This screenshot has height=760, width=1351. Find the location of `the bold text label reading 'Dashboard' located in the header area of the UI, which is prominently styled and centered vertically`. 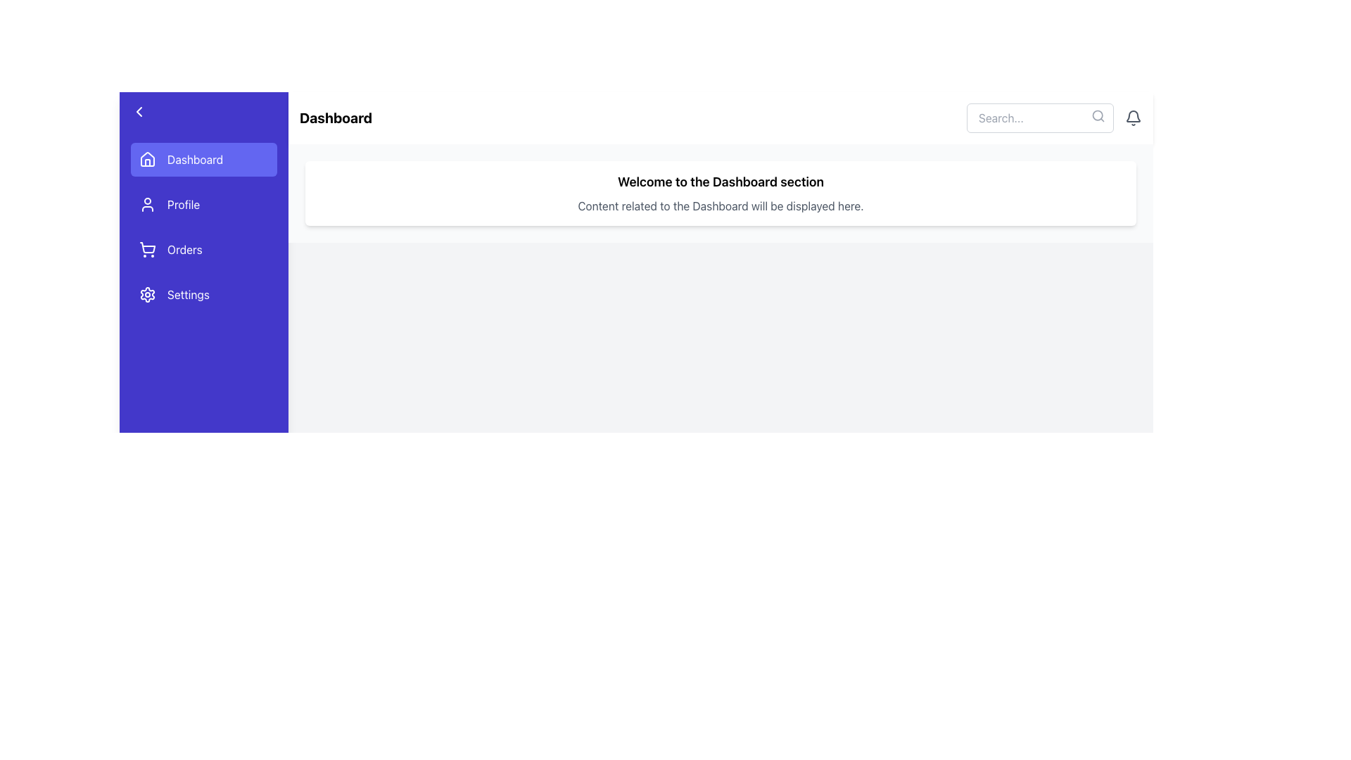

the bold text label reading 'Dashboard' located in the header area of the UI, which is prominently styled and centered vertically is located at coordinates (335, 118).